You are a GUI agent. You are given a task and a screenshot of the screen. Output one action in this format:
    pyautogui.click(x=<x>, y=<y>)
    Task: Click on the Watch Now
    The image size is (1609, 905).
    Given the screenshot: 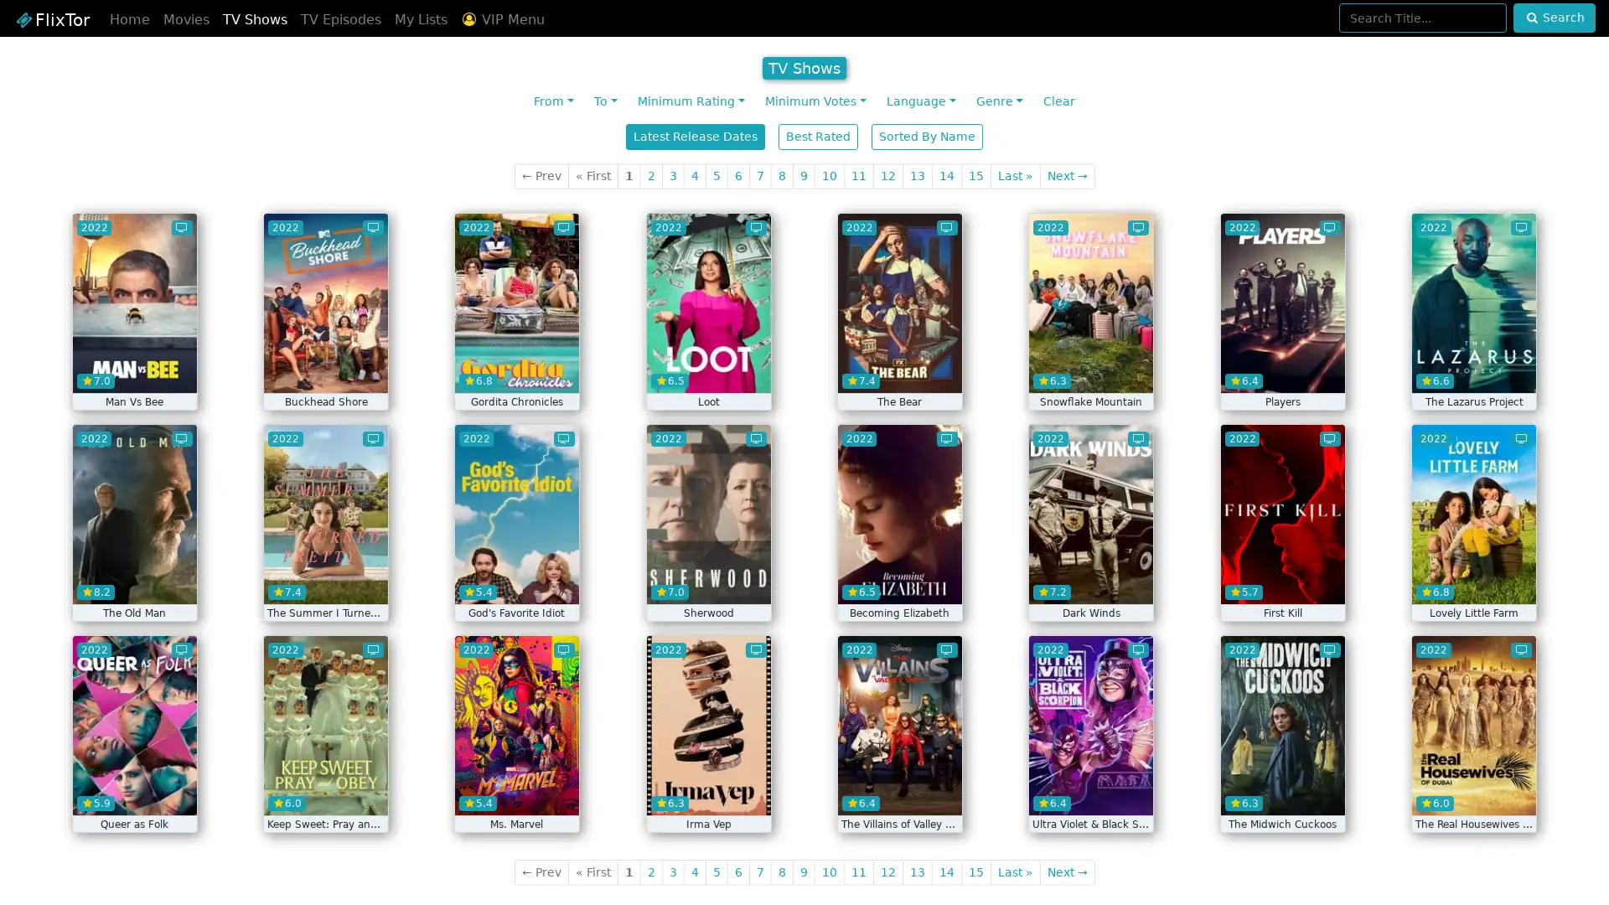 What is the action you would take?
    pyautogui.click(x=1281, y=791)
    